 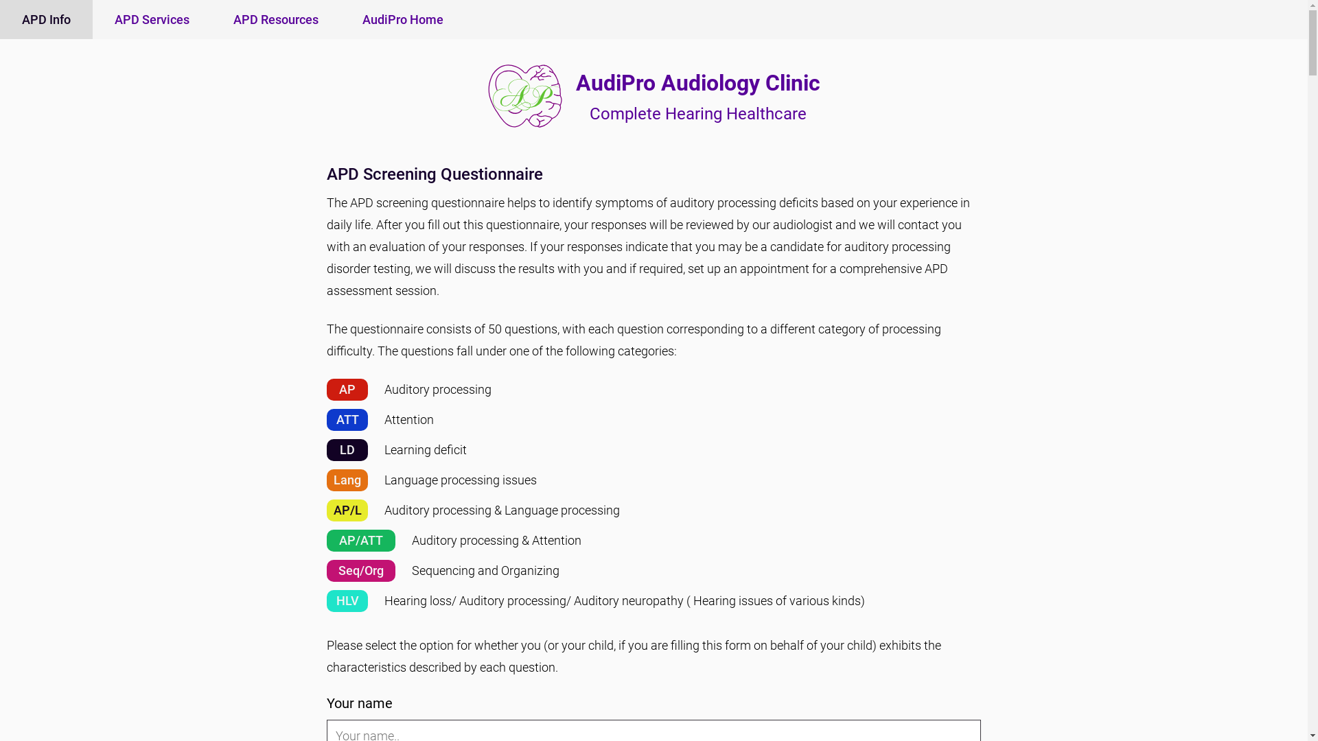 I want to click on 'APD Resources', so click(x=275, y=19).